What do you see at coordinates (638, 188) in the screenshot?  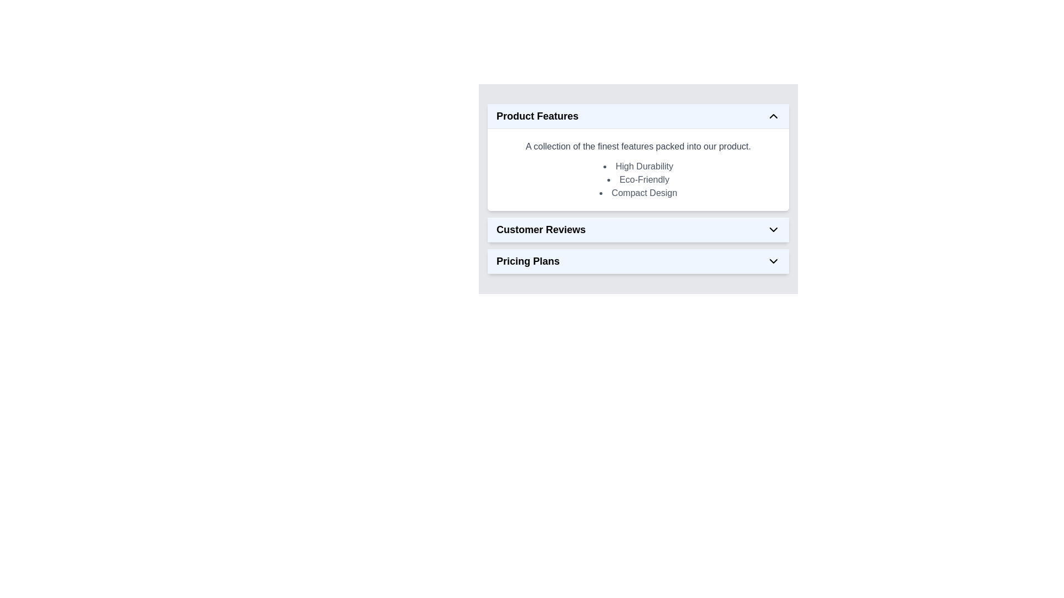 I see `text content of the 'Product Features' information display section, which includes a title and a bulleted list of features` at bounding box center [638, 188].